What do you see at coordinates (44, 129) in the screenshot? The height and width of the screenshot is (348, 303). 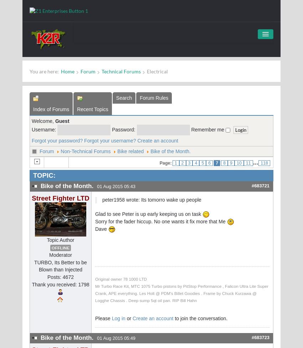 I see `'Username:'` at bounding box center [44, 129].